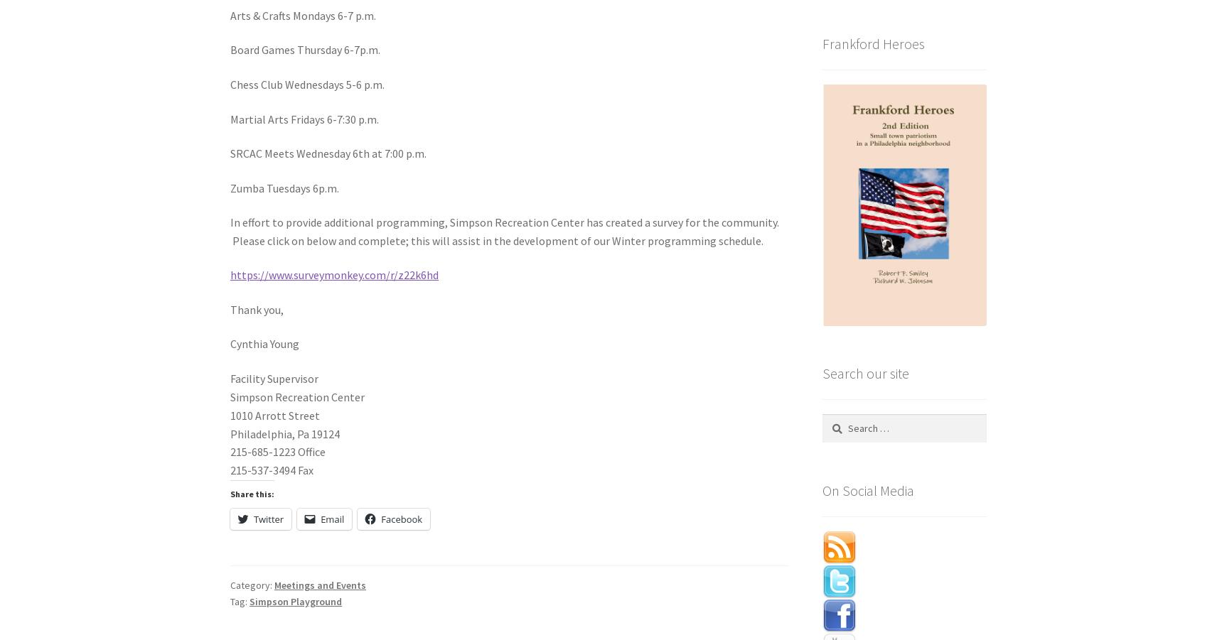 The width and height of the screenshot is (1217, 640). What do you see at coordinates (400, 517) in the screenshot?
I see `'Facebook'` at bounding box center [400, 517].